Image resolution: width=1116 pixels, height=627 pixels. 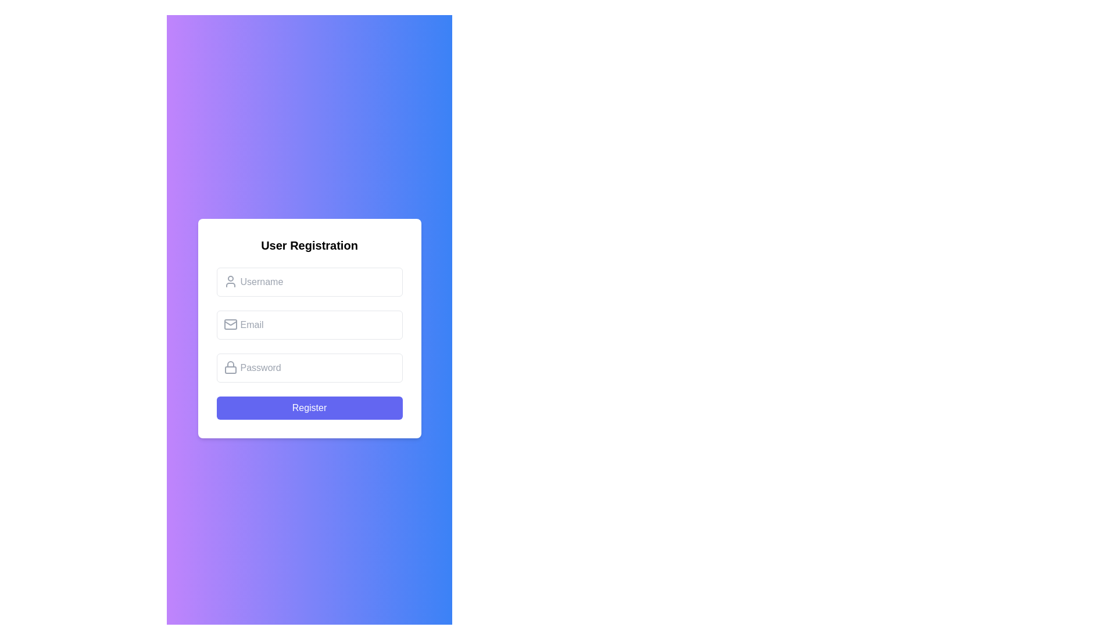 What do you see at coordinates (230, 363) in the screenshot?
I see `the top arc of the lock icon, which symbolizes a securing mechanism, located within the 'Password' input field of the user registration form` at bounding box center [230, 363].